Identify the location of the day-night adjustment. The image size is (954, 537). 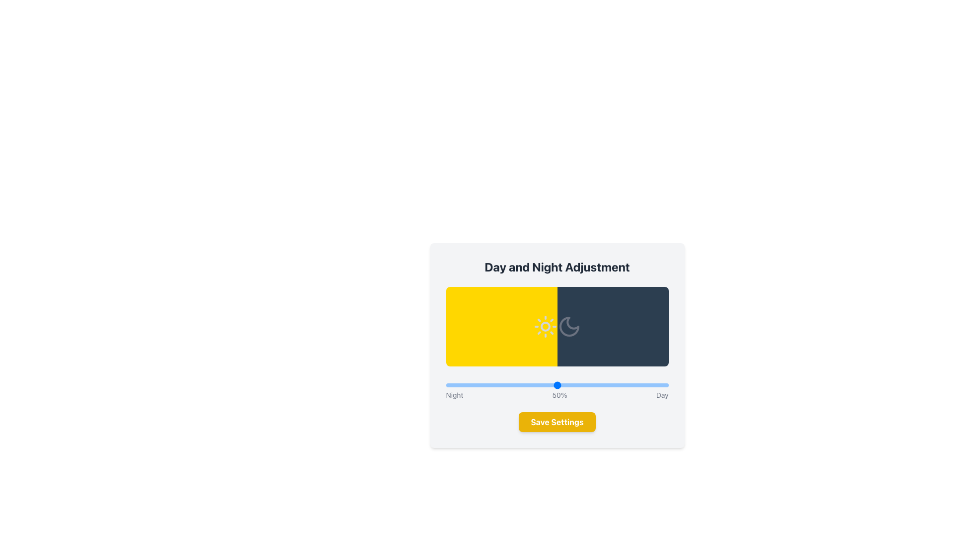
(448, 385).